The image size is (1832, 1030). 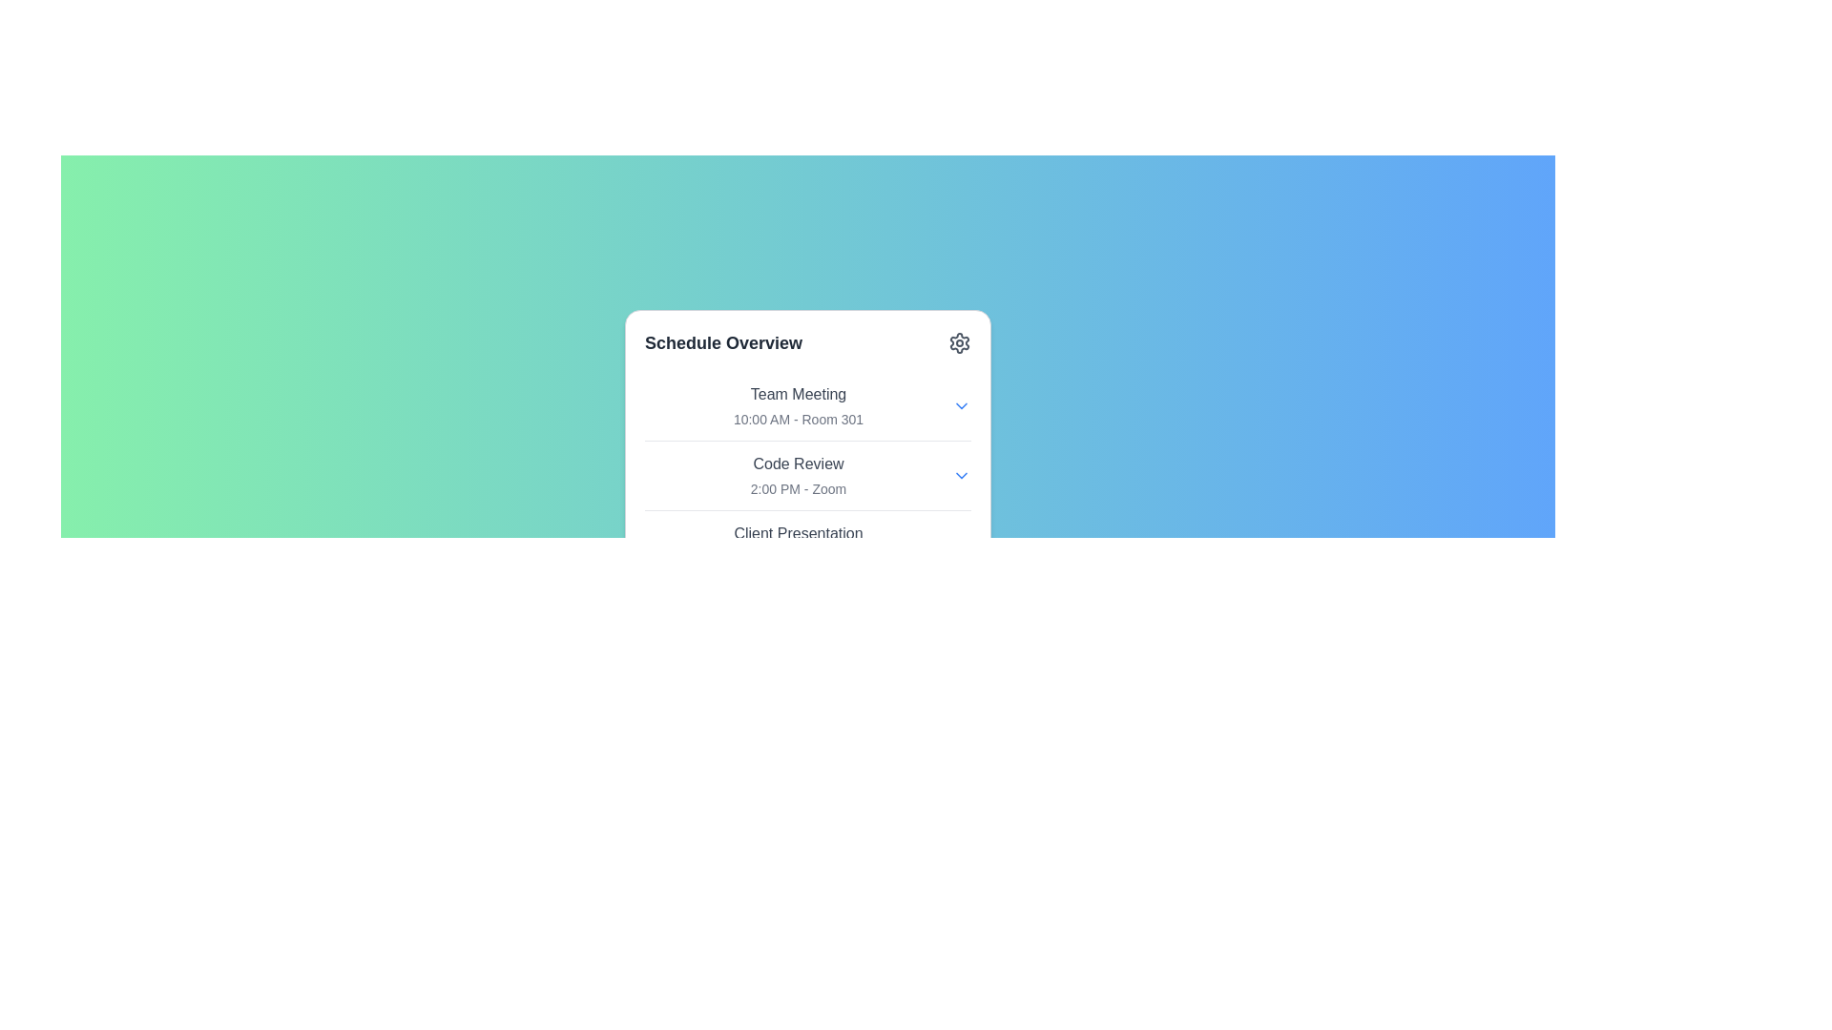 I want to click on the text label displaying '10:00 AM - Room 301', which is styled in a small gray font and is located beneath the 'Team Meeting' title in the 'Schedule Overview' panel, so click(x=798, y=418).